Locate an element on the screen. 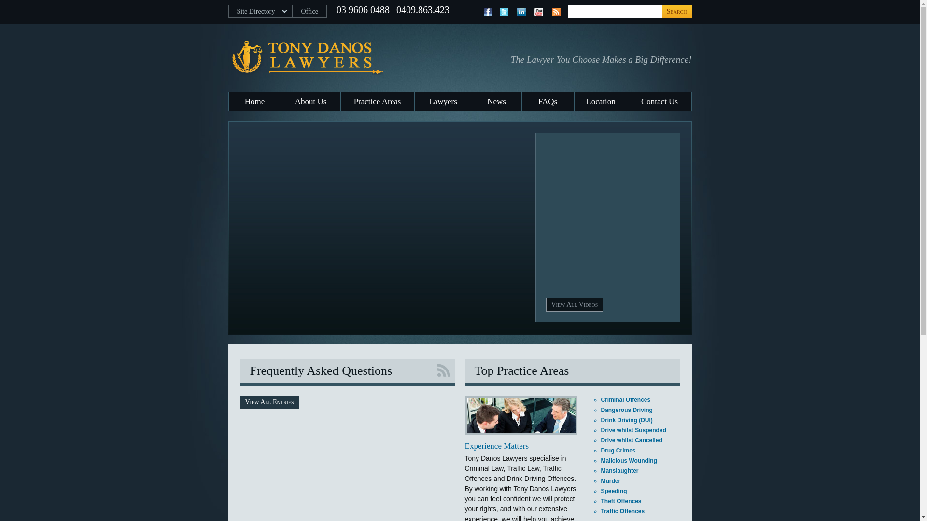  'RSS Feed' is located at coordinates (442, 370).